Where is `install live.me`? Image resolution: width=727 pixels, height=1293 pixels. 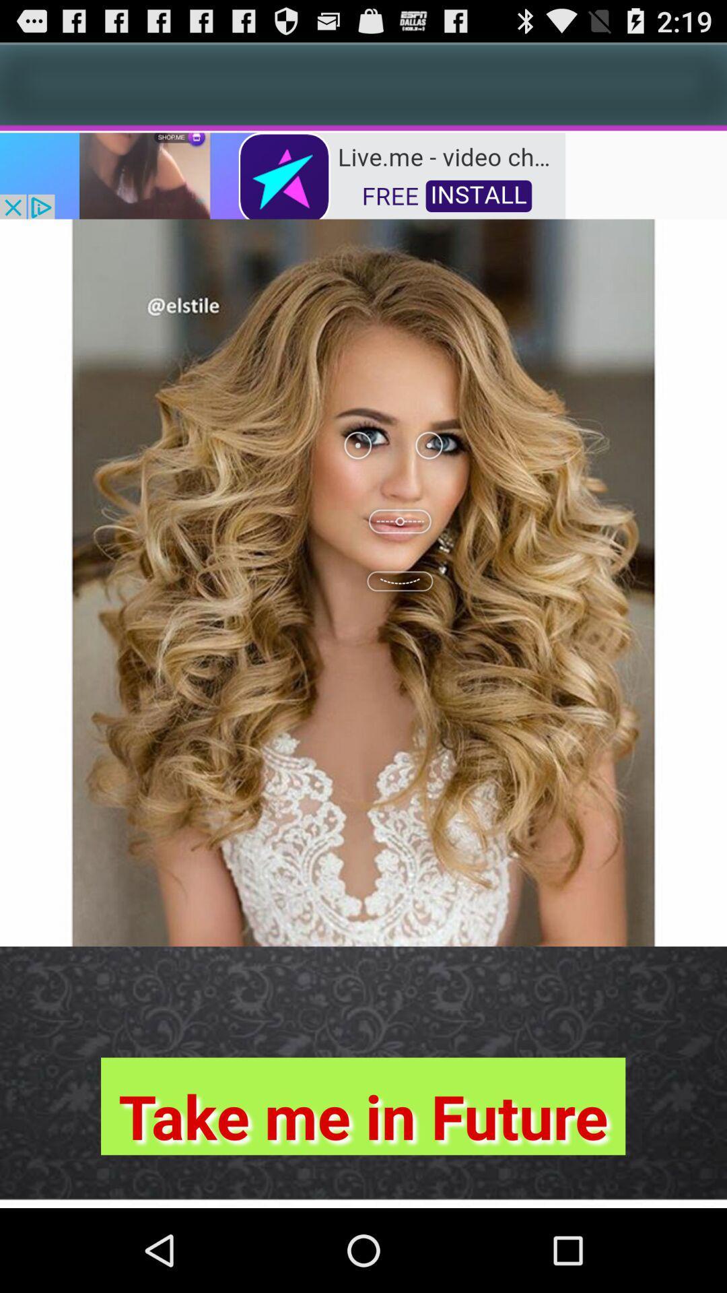
install live.me is located at coordinates (282, 174).